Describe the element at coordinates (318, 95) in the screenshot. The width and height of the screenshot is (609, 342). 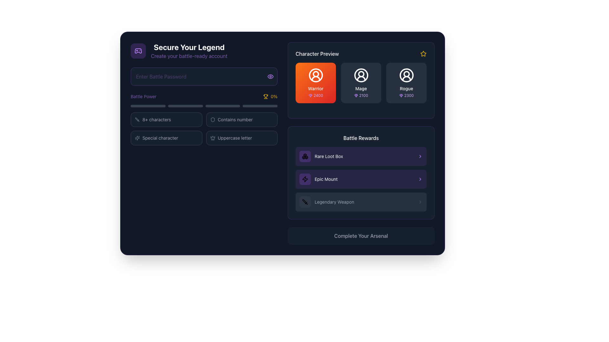
I see `the text label displaying the numeric value '2400' in light purple, located below the 'Warrior' label in the 'Character Preview' section` at that location.